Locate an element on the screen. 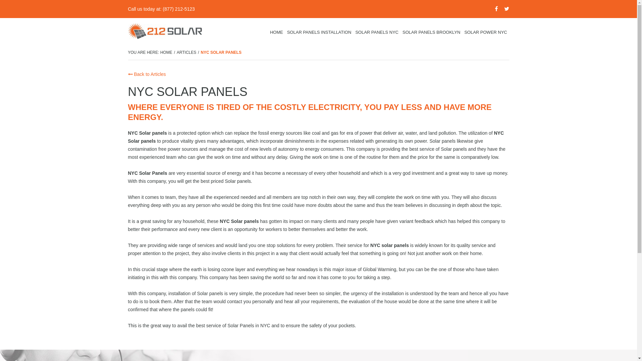  'SOLAR PANELS INSTALLATION' is located at coordinates (285, 32).